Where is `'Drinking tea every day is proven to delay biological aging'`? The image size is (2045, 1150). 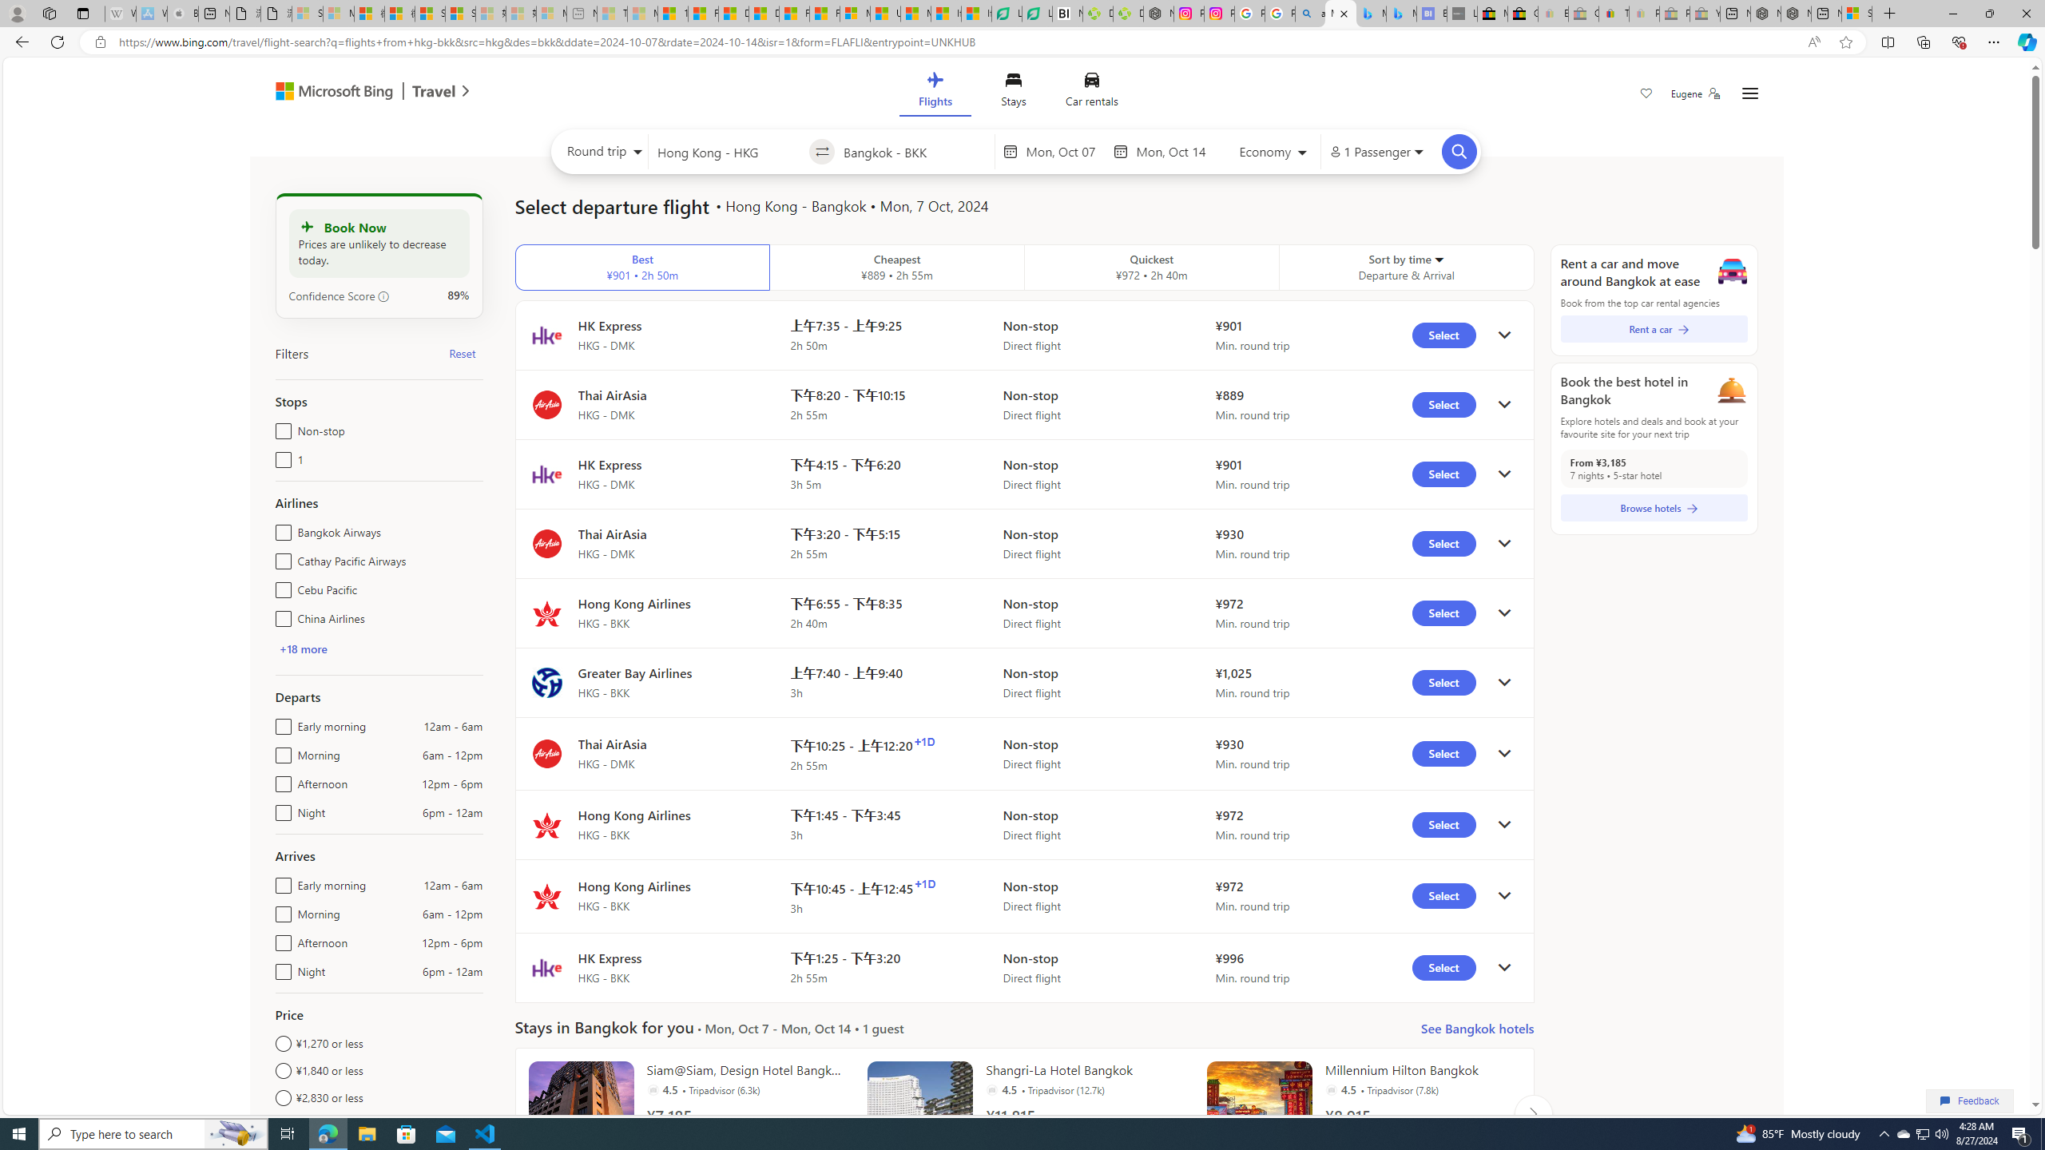
'Drinking tea every day is proven to delay biological aging' is located at coordinates (763, 13).